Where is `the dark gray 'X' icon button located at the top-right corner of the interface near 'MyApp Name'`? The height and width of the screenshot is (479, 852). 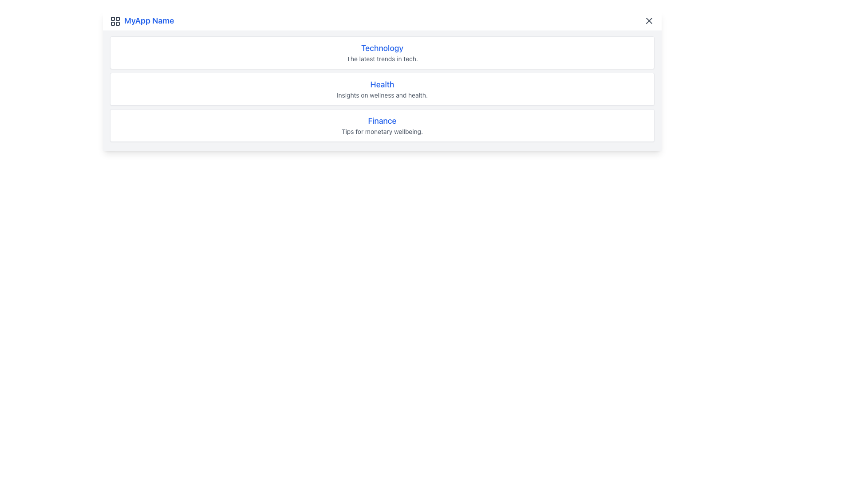
the dark gray 'X' icon button located at the top-right corner of the interface near 'MyApp Name' is located at coordinates (649, 20).